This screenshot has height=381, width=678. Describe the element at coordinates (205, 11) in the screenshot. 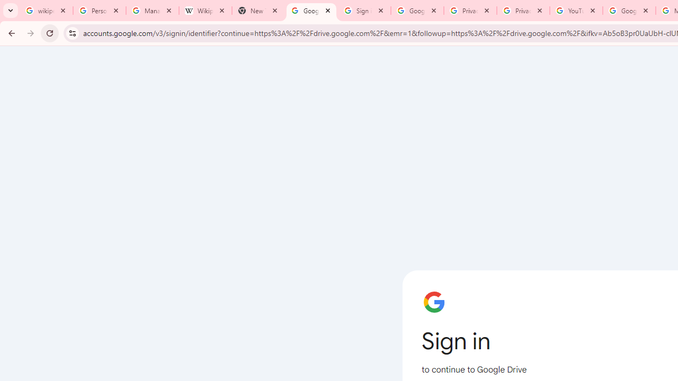

I see `'Wikipedia:Edit requests - Wikipedia'` at that location.